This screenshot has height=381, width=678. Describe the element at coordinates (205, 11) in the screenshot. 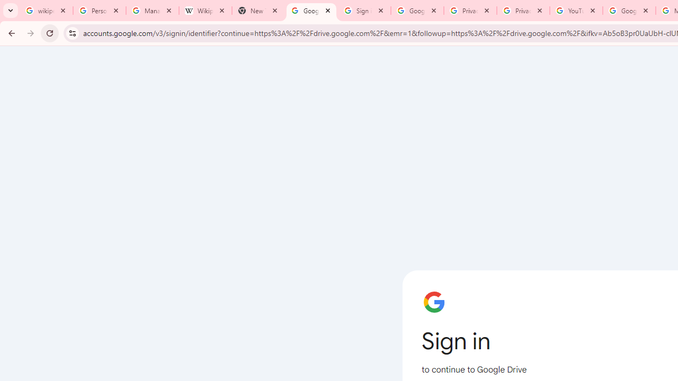

I see `'Wikipedia:Edit requests - Wikipedia'` at that location.